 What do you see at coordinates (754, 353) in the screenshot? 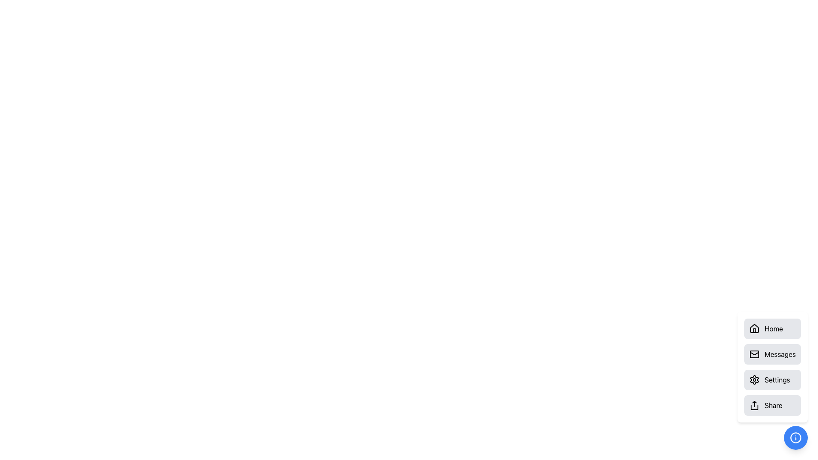
I see `the vector line forming a triangular shape resembling an envelope flap, which is part of the email icon located in the right-hand group of options, specifically in the 'Messages' button` at bounding box center [754, 353].